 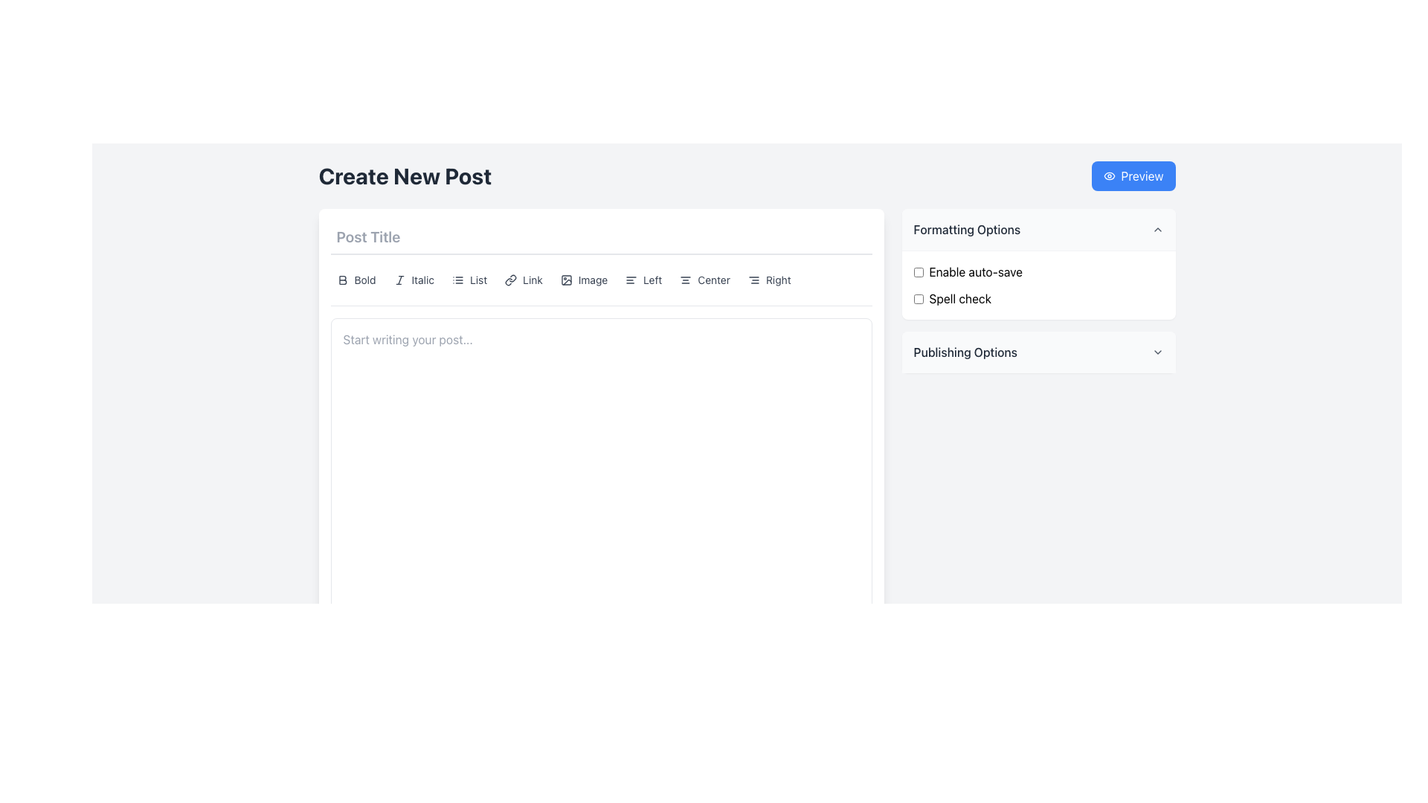 What do you see at coordinates (341, 280) in the screenshot?
I see `the bold formatting toggle icon located to the left of the 'Bold' text in the toolbar of the content editor` at bounding box center [341, 280].